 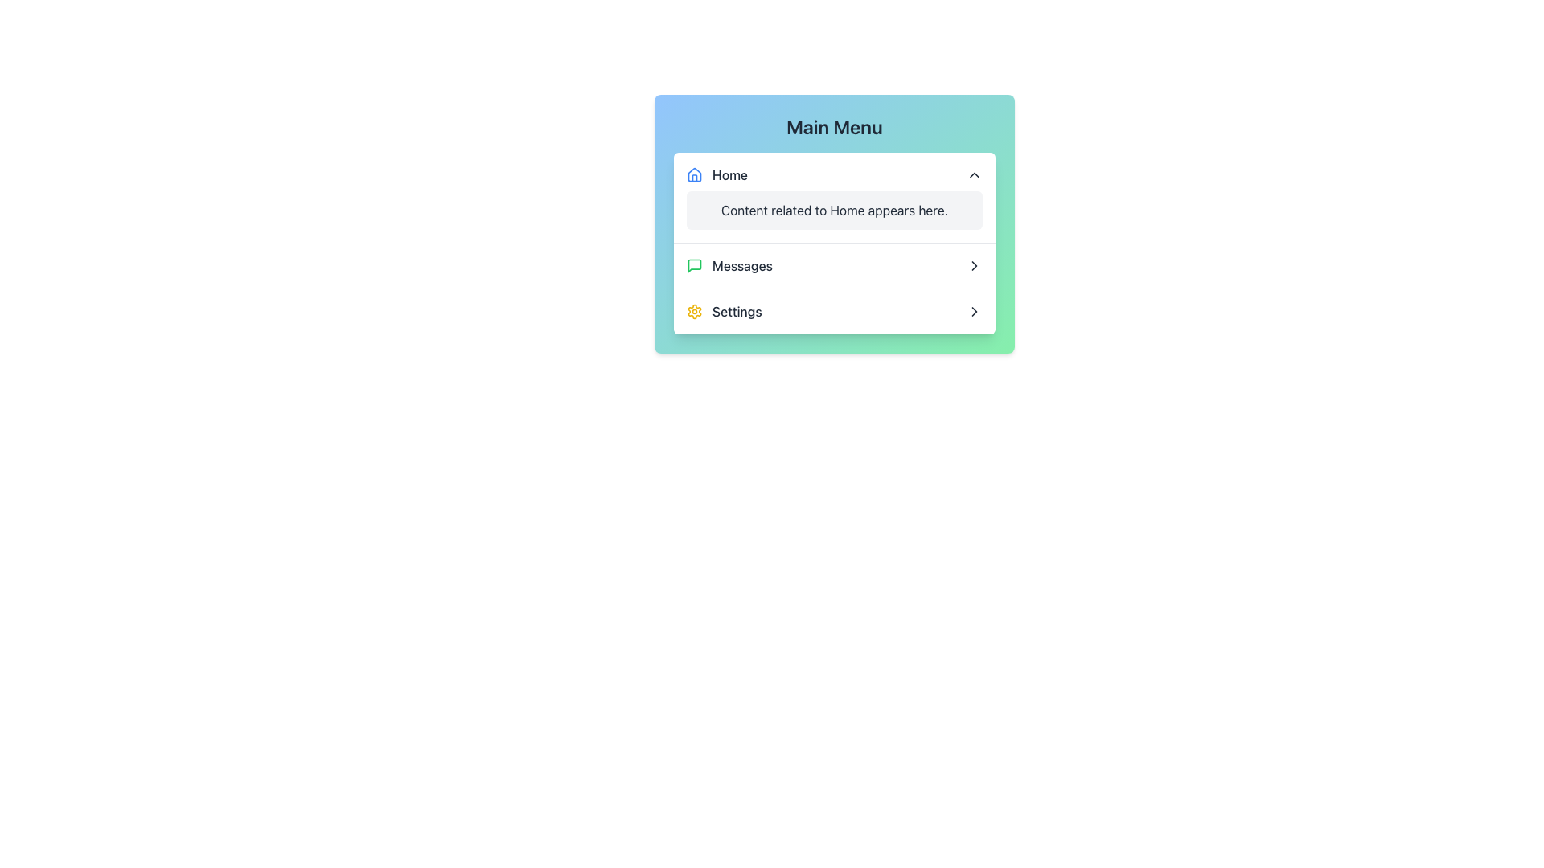 I want to click on the right-facing chevron icon located at the far-right end of the 'Settings' row in the menu, so click(x=973, y=312).